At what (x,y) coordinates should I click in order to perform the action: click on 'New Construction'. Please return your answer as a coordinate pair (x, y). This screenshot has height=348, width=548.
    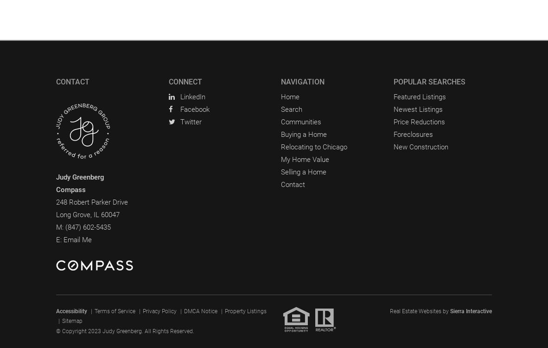
    Looking at the image, I should click on (420, 146).